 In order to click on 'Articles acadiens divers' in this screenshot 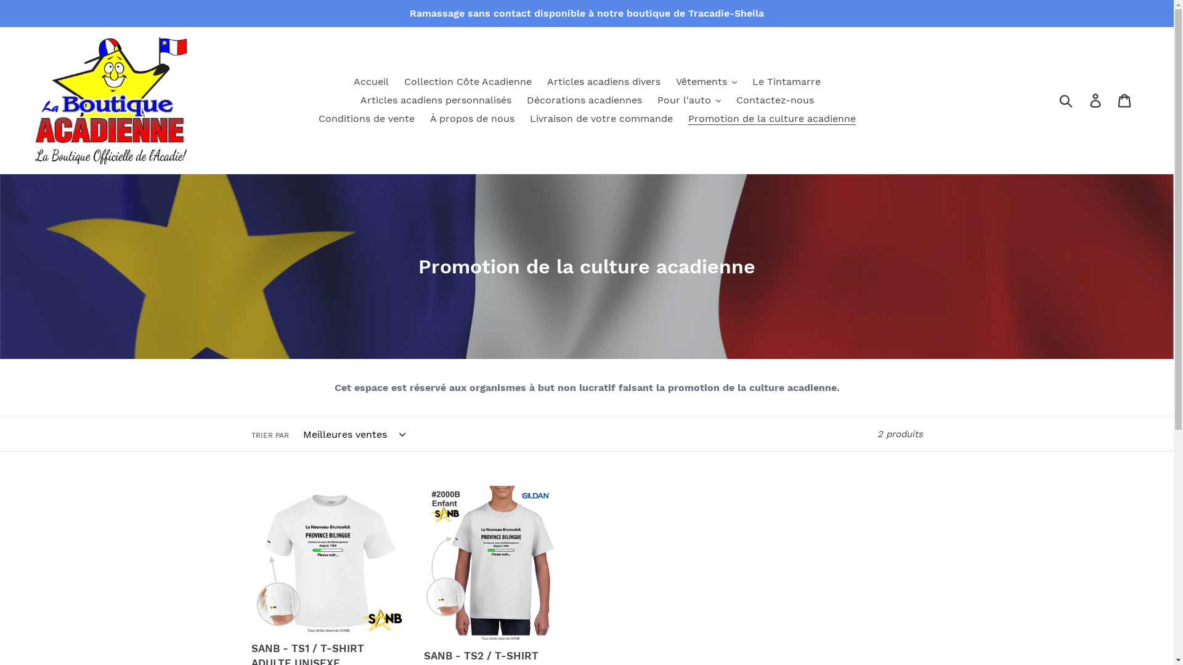, I will do `click(603, 81)`.